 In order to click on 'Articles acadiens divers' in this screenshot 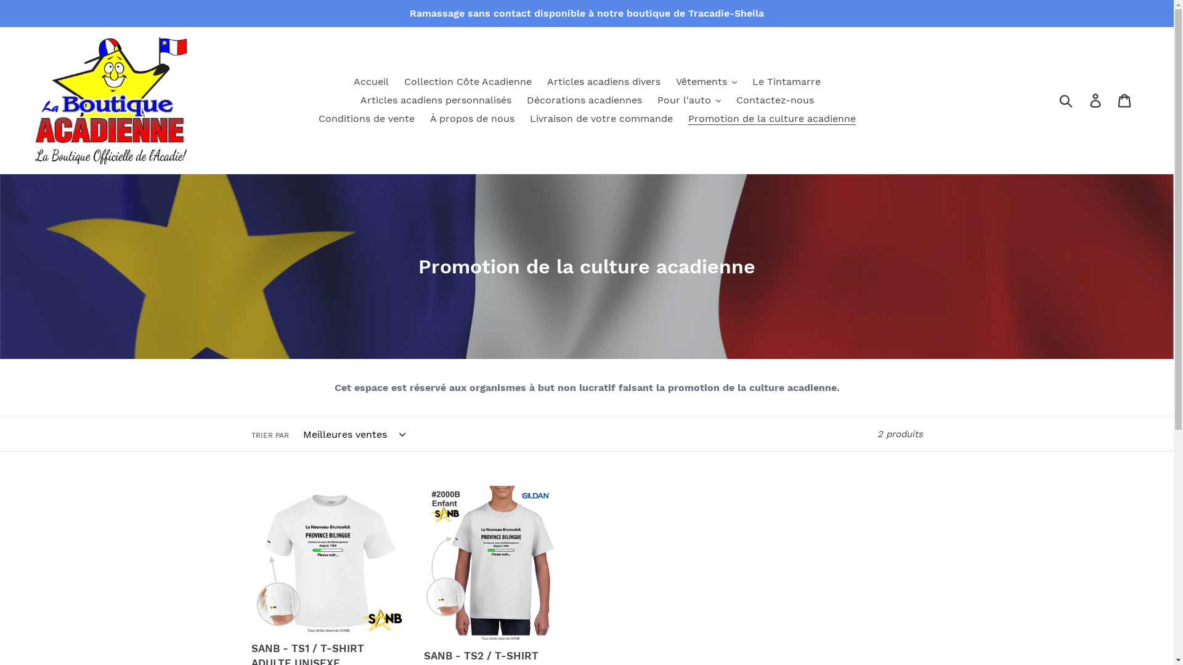, I will do `click(603, 81)`.